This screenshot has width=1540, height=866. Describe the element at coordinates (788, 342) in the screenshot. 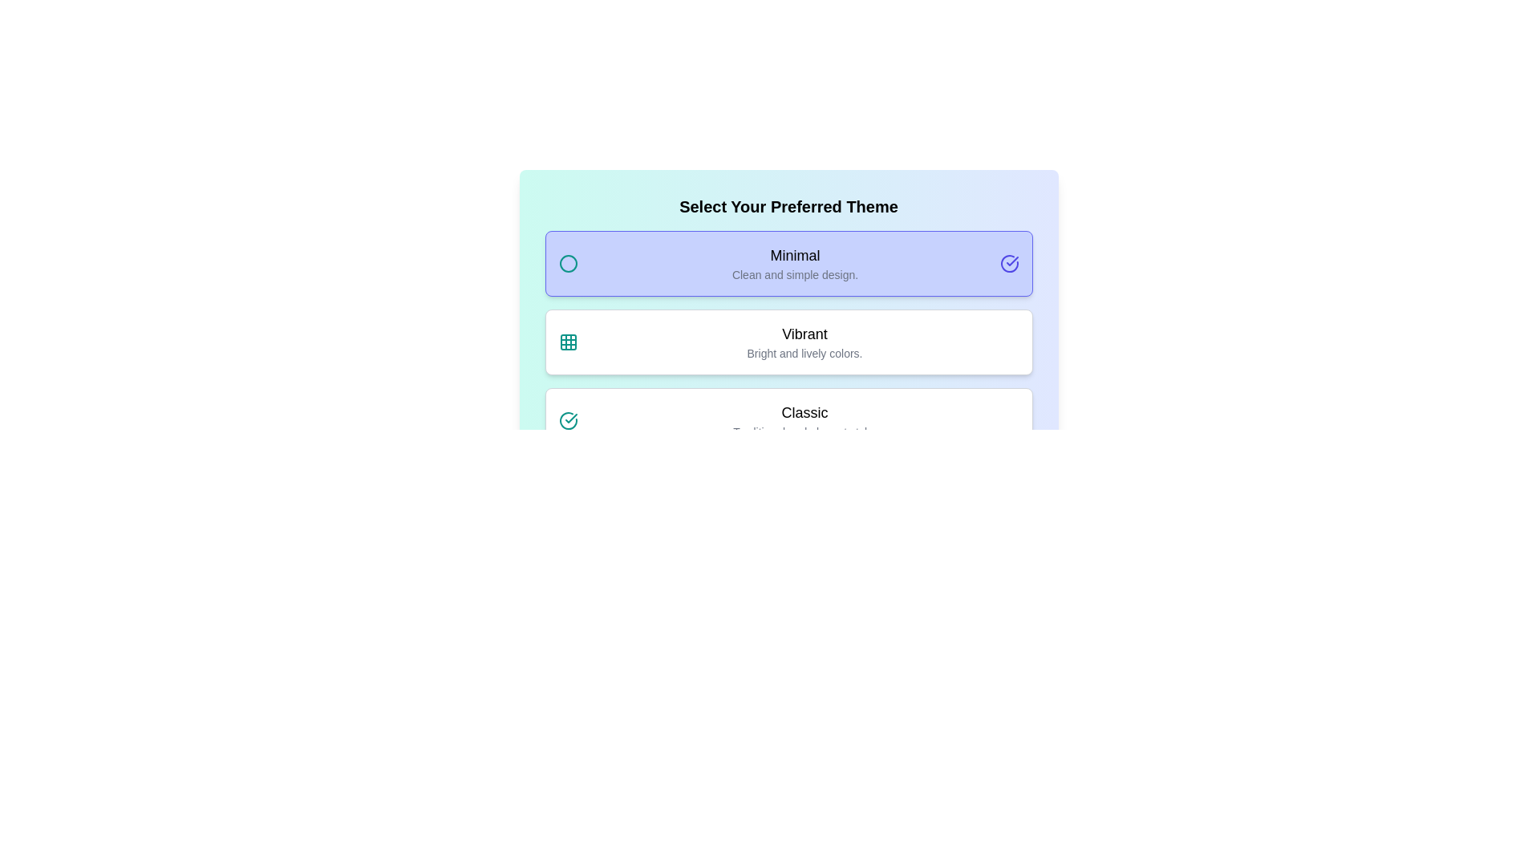

I see `the 'Vibrant' button with a white background and gray border for keyboard navigation` at that location.